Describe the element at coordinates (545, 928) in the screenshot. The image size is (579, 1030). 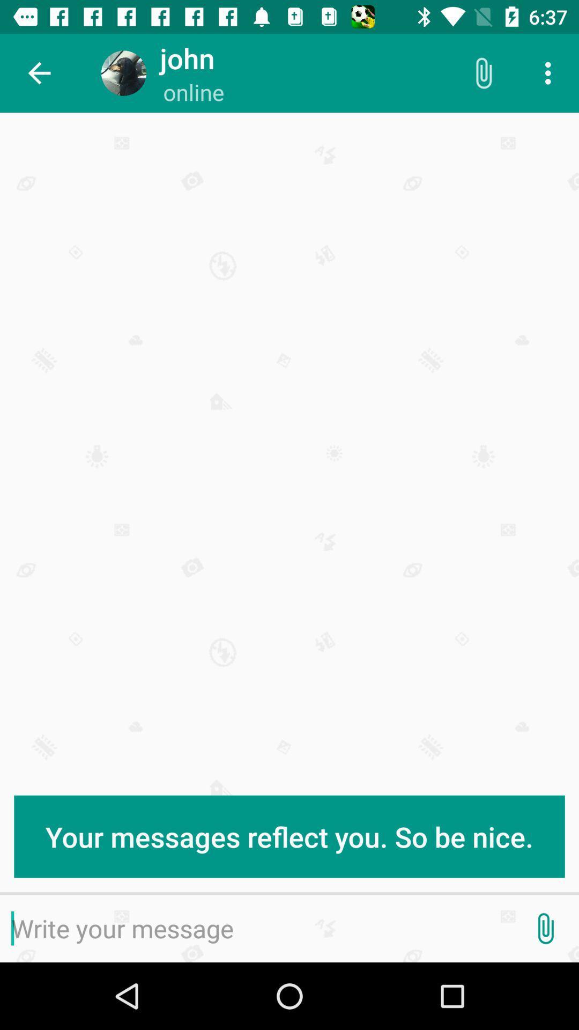
I see `attach file` at that location.